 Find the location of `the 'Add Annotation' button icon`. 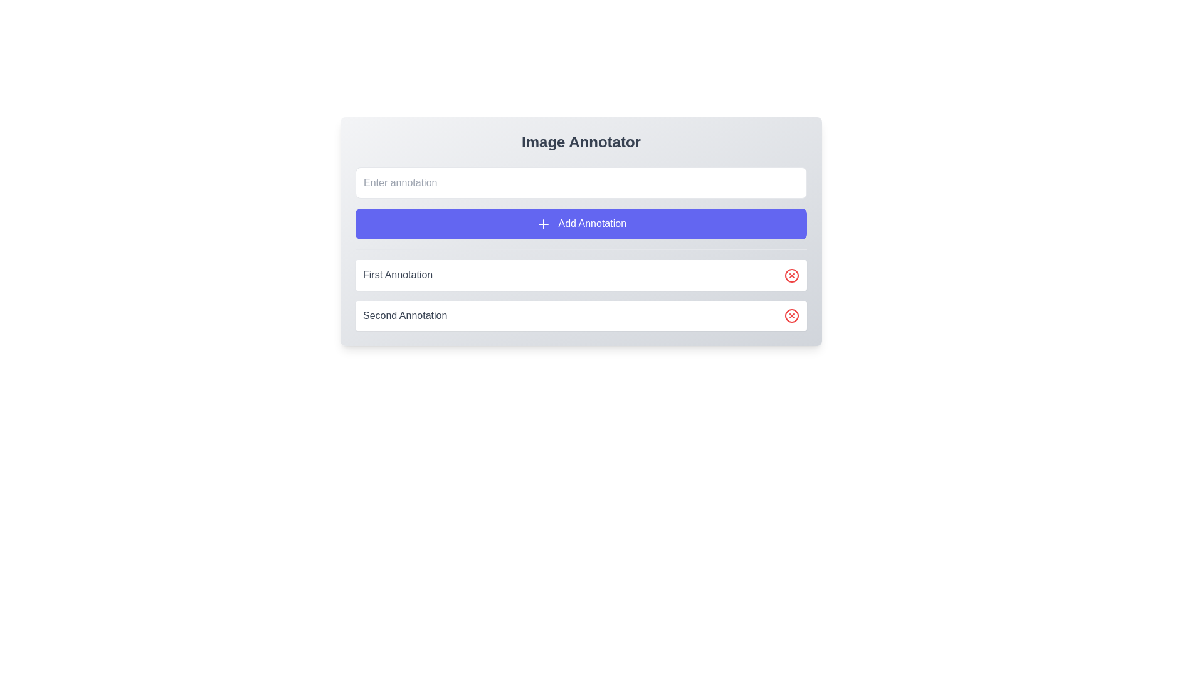

the 'Add Annotation' button icon is located at coordinates (543, 223).